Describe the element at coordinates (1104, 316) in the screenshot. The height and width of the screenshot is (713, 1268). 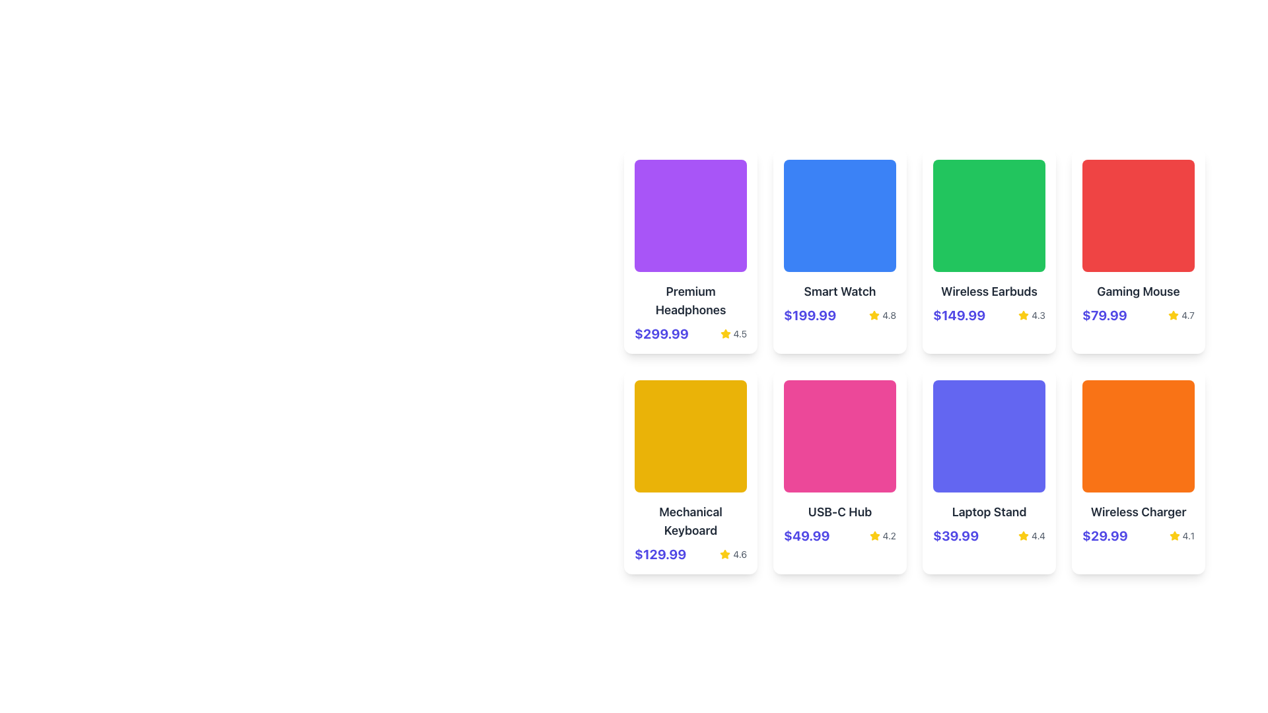
I see `price information from the Text Label indicating the price of the 'Gaming Mouse' product, located in the fourth card of the top row, below the title and above the rating component` at that location.